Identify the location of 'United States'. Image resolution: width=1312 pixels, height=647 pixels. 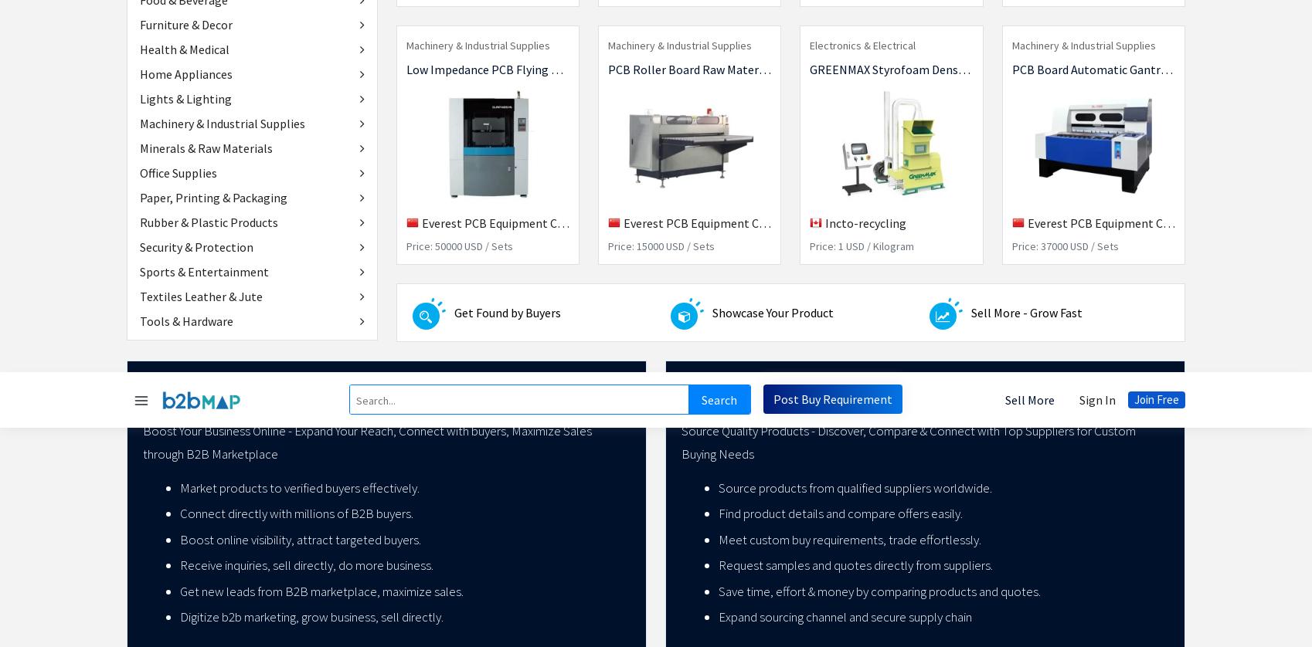
(1096, 511).